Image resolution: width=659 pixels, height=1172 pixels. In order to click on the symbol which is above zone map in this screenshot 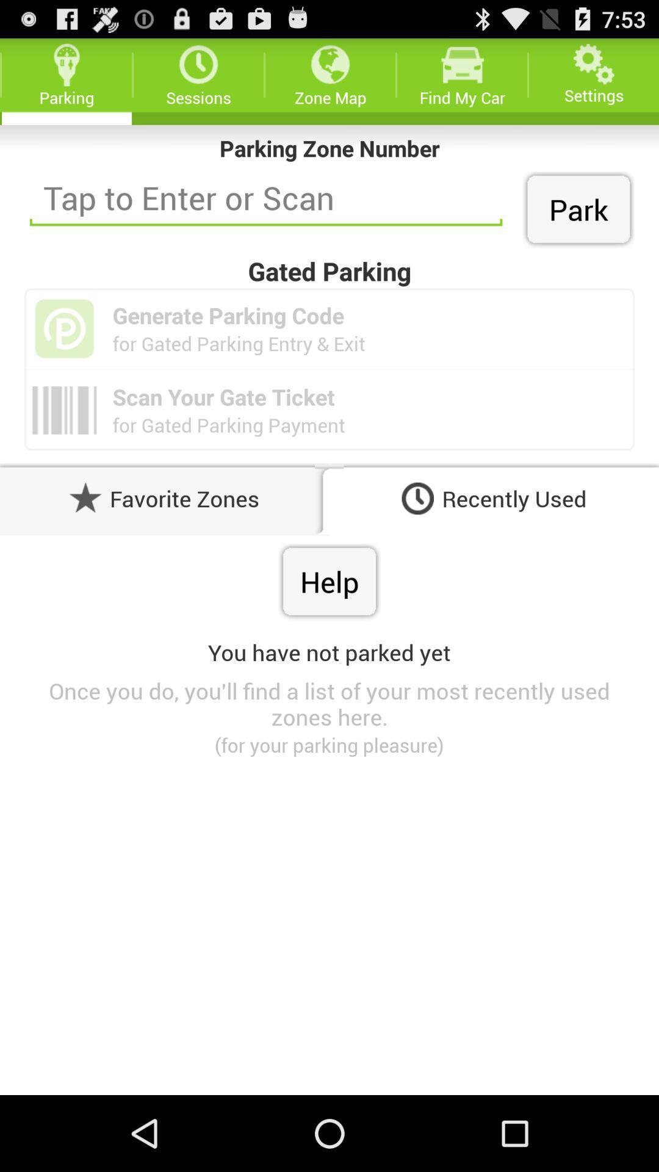, I will do `click(330, 63)`.